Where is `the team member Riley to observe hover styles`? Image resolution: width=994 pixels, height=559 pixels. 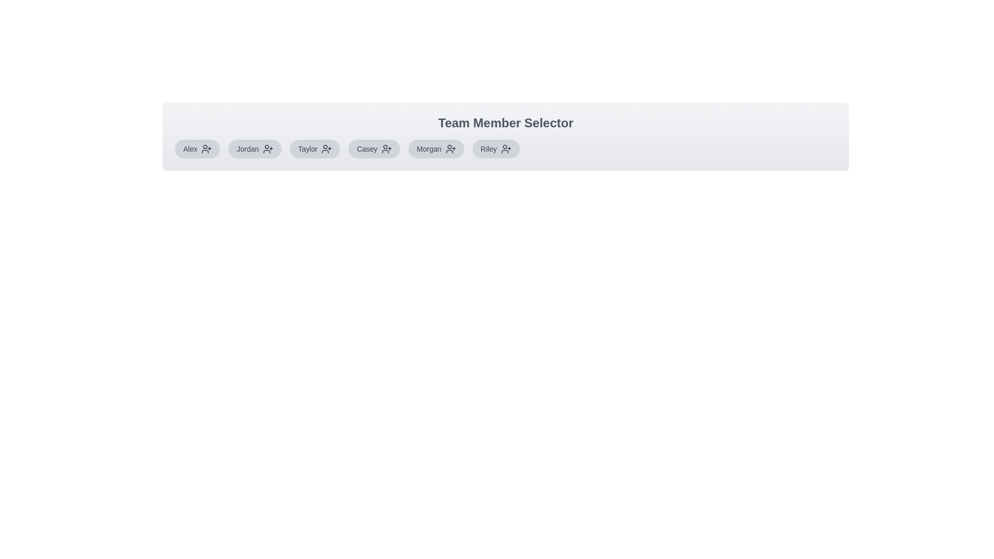 the team member Riley to observe hover styles is located at coordinates (495, 149).